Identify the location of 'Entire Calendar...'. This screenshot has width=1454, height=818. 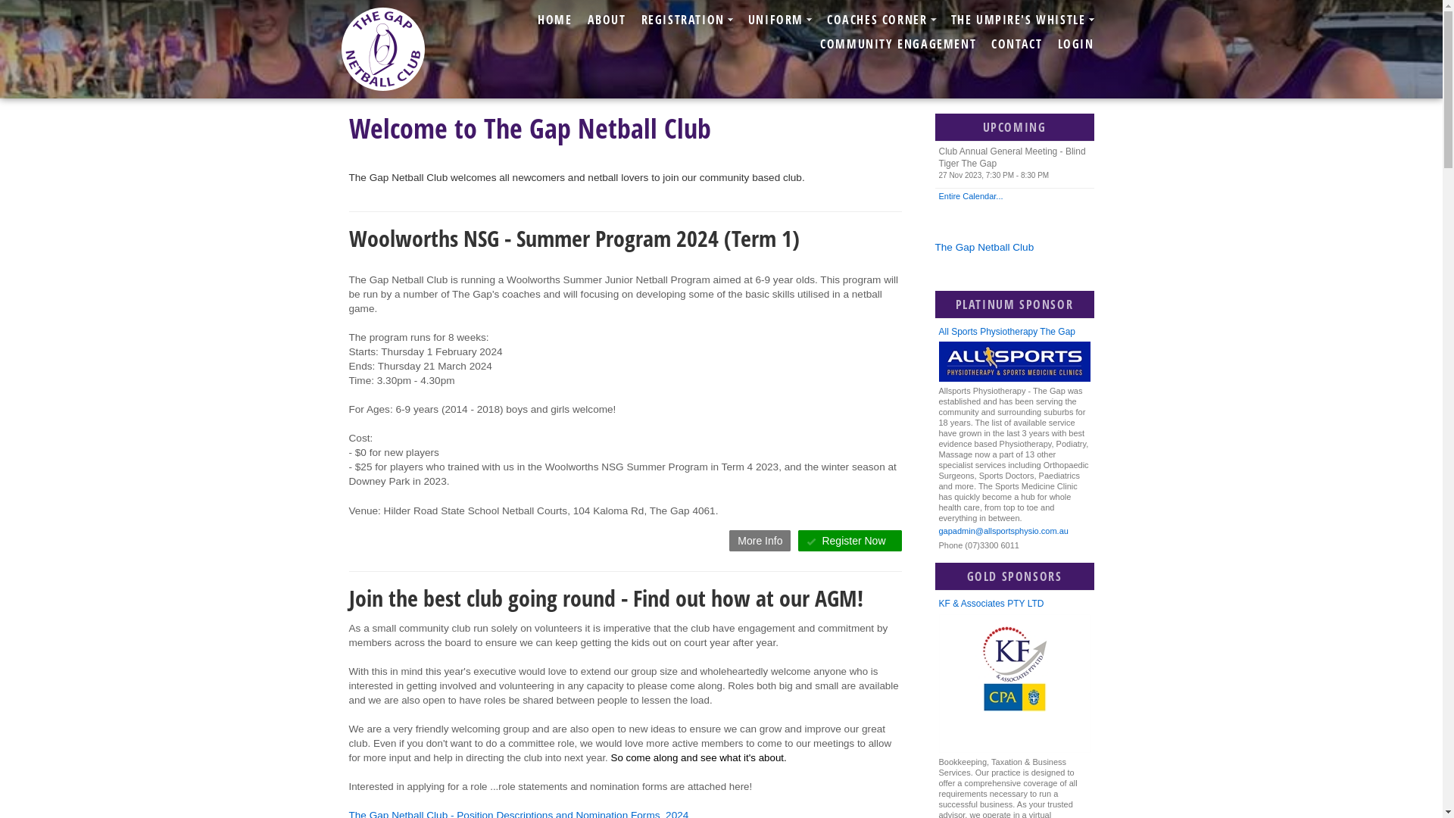
(1014, 195).